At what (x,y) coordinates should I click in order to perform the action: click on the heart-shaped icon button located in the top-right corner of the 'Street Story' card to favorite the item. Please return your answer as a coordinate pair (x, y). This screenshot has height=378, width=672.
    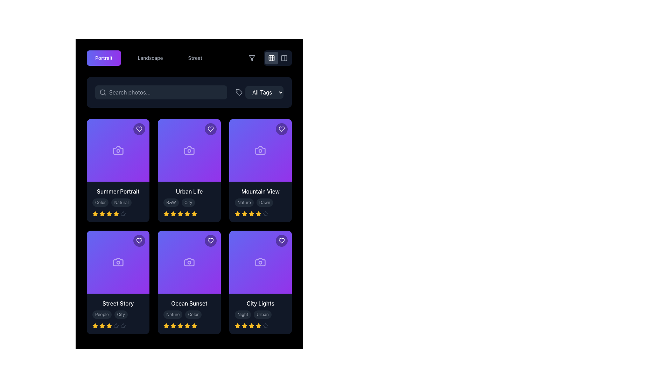
    Looking at the image, I should click on (139, 240).